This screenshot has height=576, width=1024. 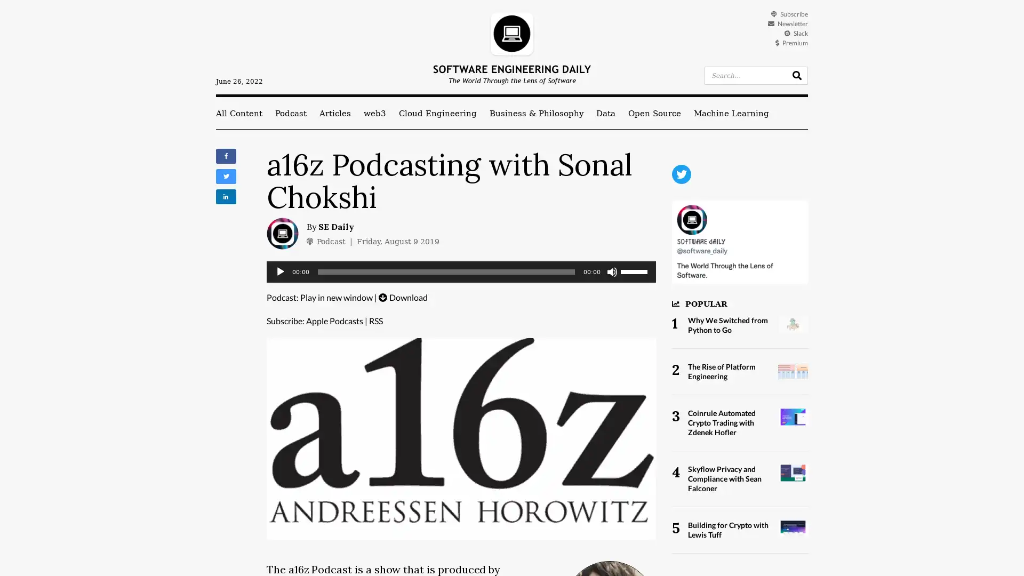 What do you see at coordinates (612, 271) in the screenshot?
I see `Mute` at bounding box center [612, 271].